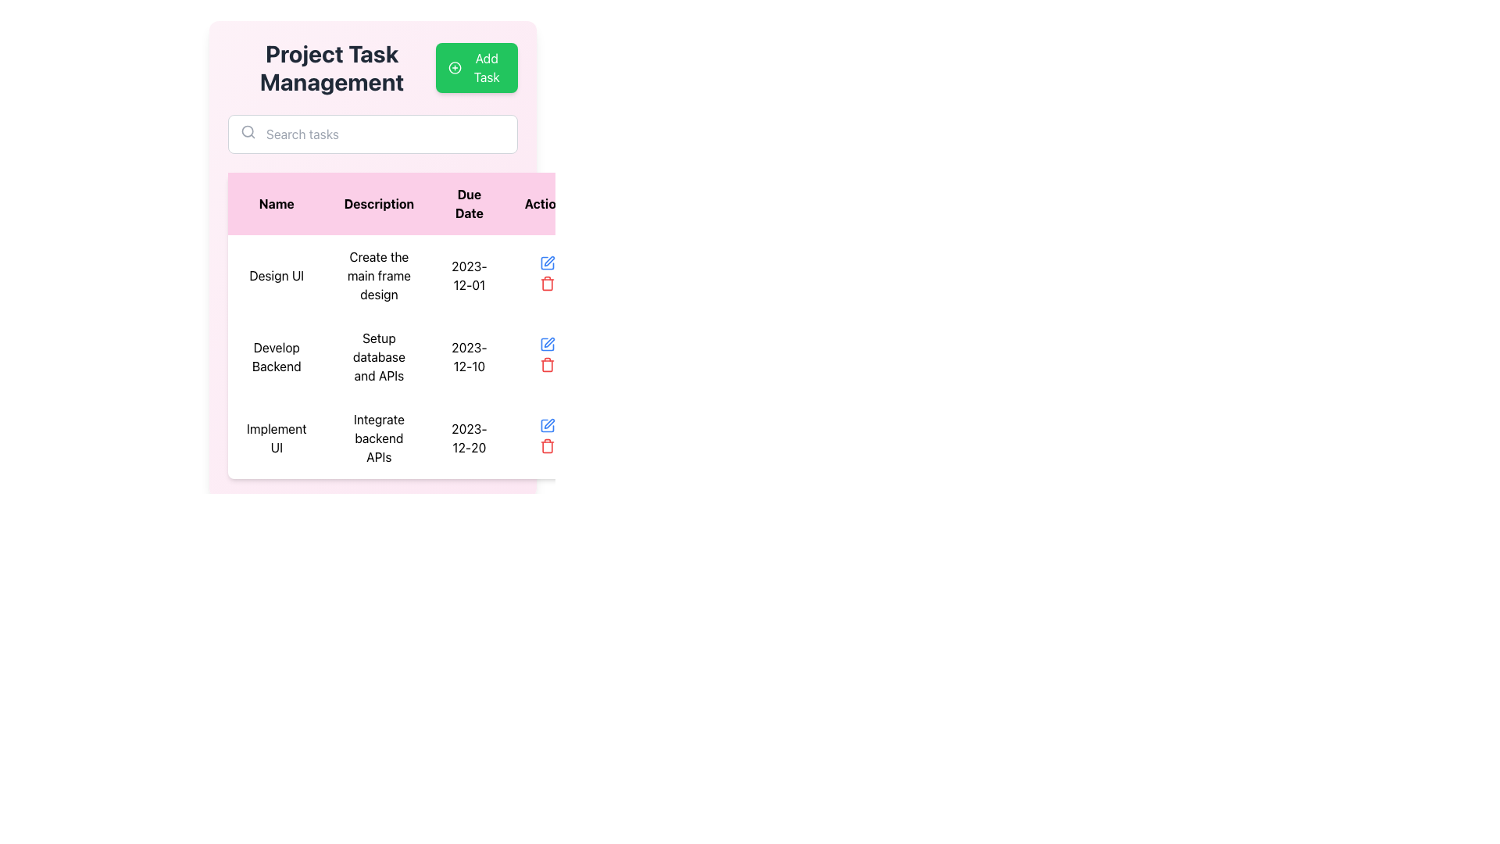  Describe the element at coordinates (468, 203) in the screenshot. I see `the static label reading 'Due Date' with a pink background, positioned in the header row between 'Description' and 'Actions'` at that location.